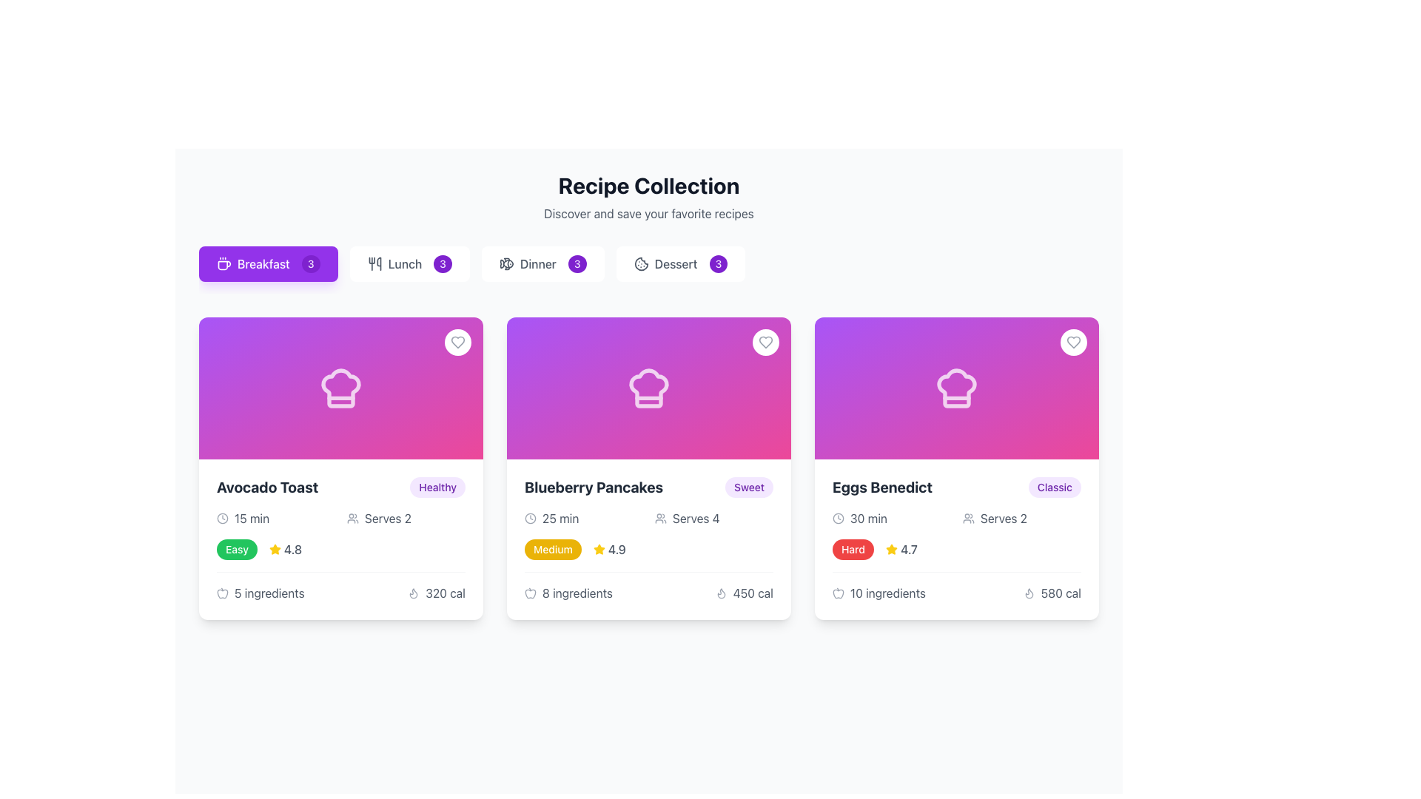  I want to click on text label displaying the value '4.8' which is located below the main card title 'Avocado Toast' and to the right of a yellow star icon in the rating section, so click(292, 550).